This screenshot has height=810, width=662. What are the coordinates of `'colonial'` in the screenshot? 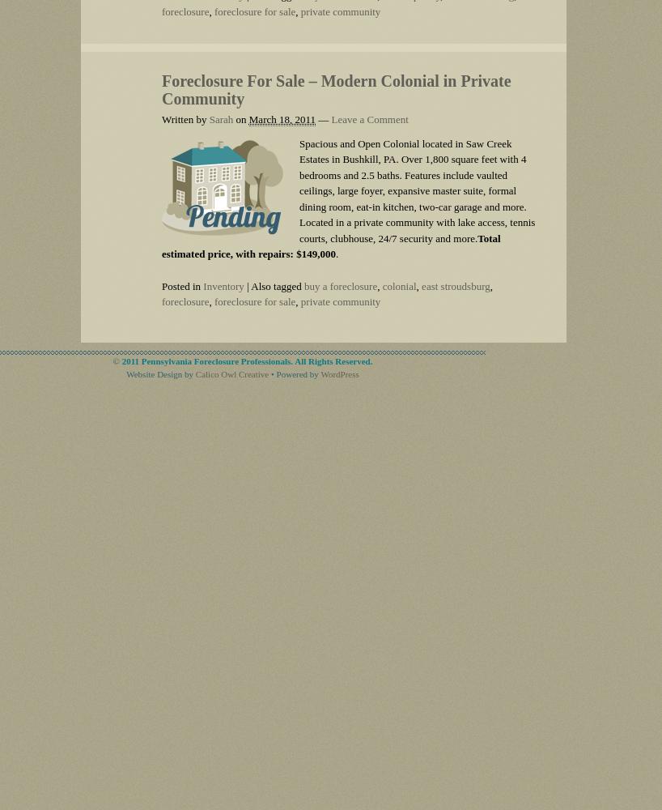 It's located at (399, 284).